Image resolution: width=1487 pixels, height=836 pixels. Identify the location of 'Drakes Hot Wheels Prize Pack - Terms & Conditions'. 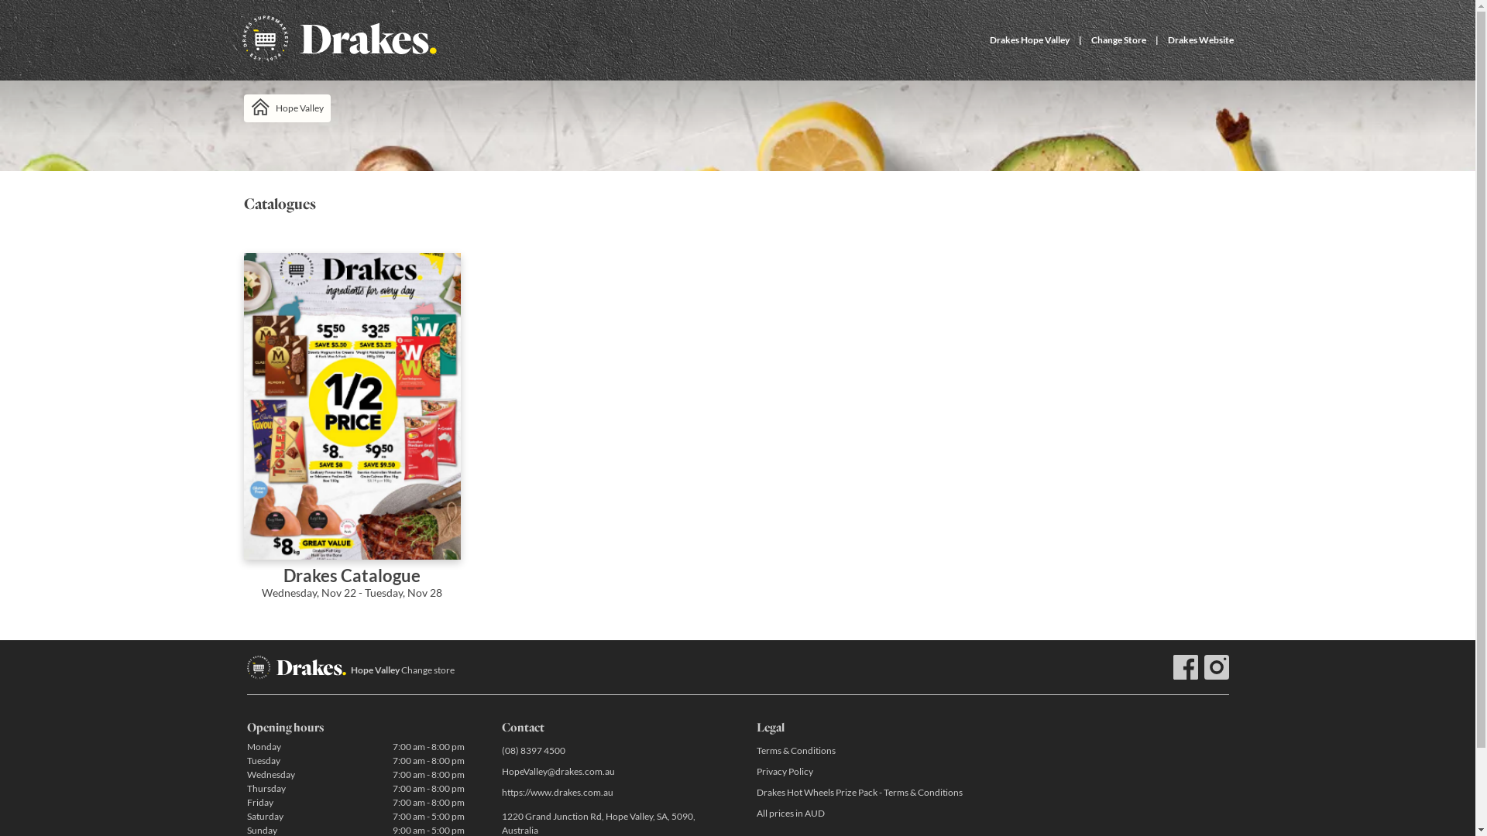
(864, 792).